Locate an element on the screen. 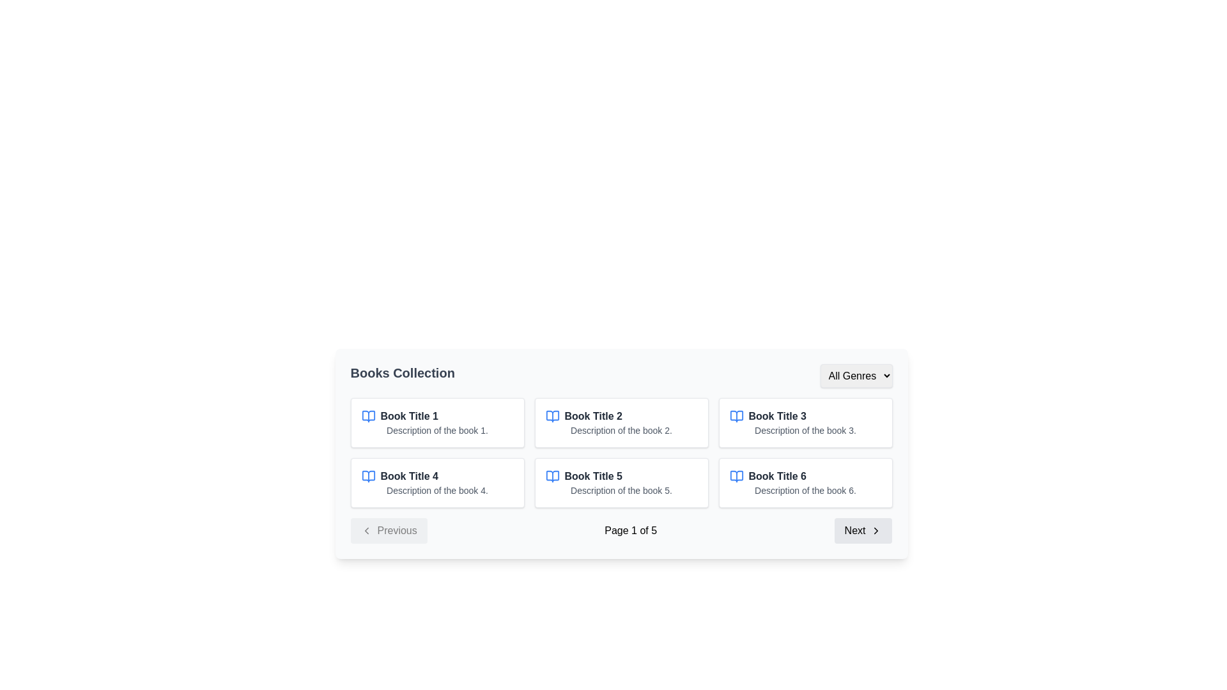 Image resolution: width=1227 pixels, height=690 pixels. the styling of the book resource icon located in the sixth tile of the book grid, adjacent to 'Book Title 6' is located at coordinates (736, 476).